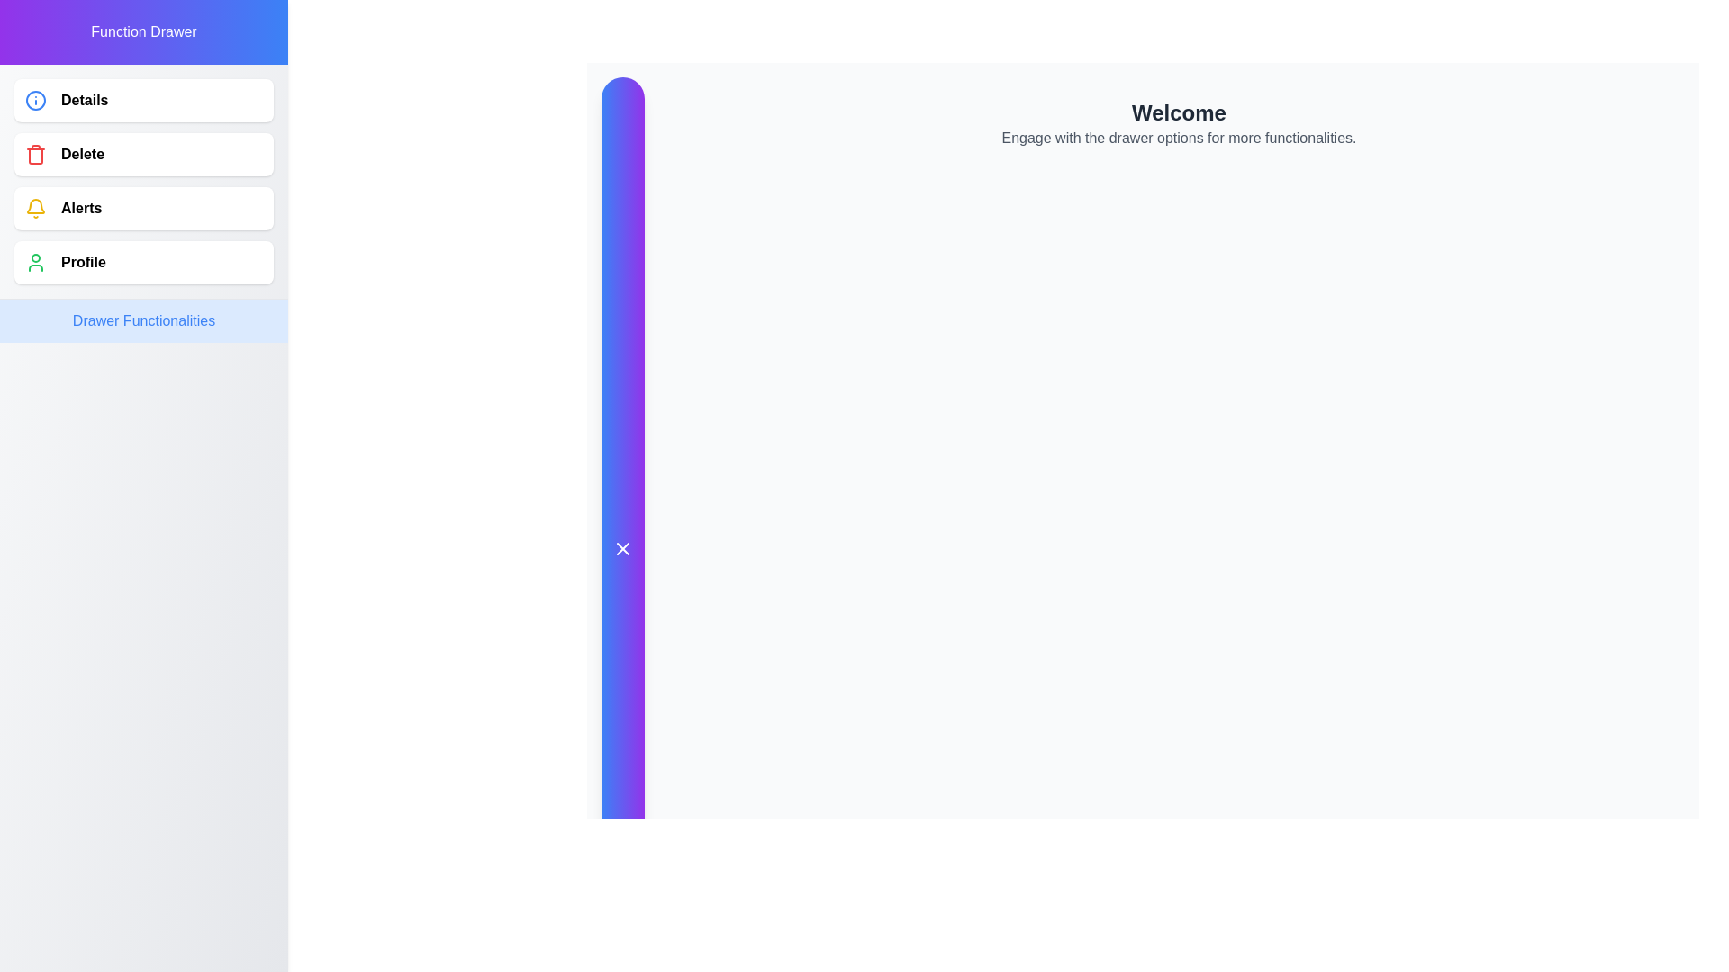  I want to click on the 'Details' text label located in the left-side drawer, which is the first item in the vertical list beneath the 'Function Drawer' header, so click(84, 100).